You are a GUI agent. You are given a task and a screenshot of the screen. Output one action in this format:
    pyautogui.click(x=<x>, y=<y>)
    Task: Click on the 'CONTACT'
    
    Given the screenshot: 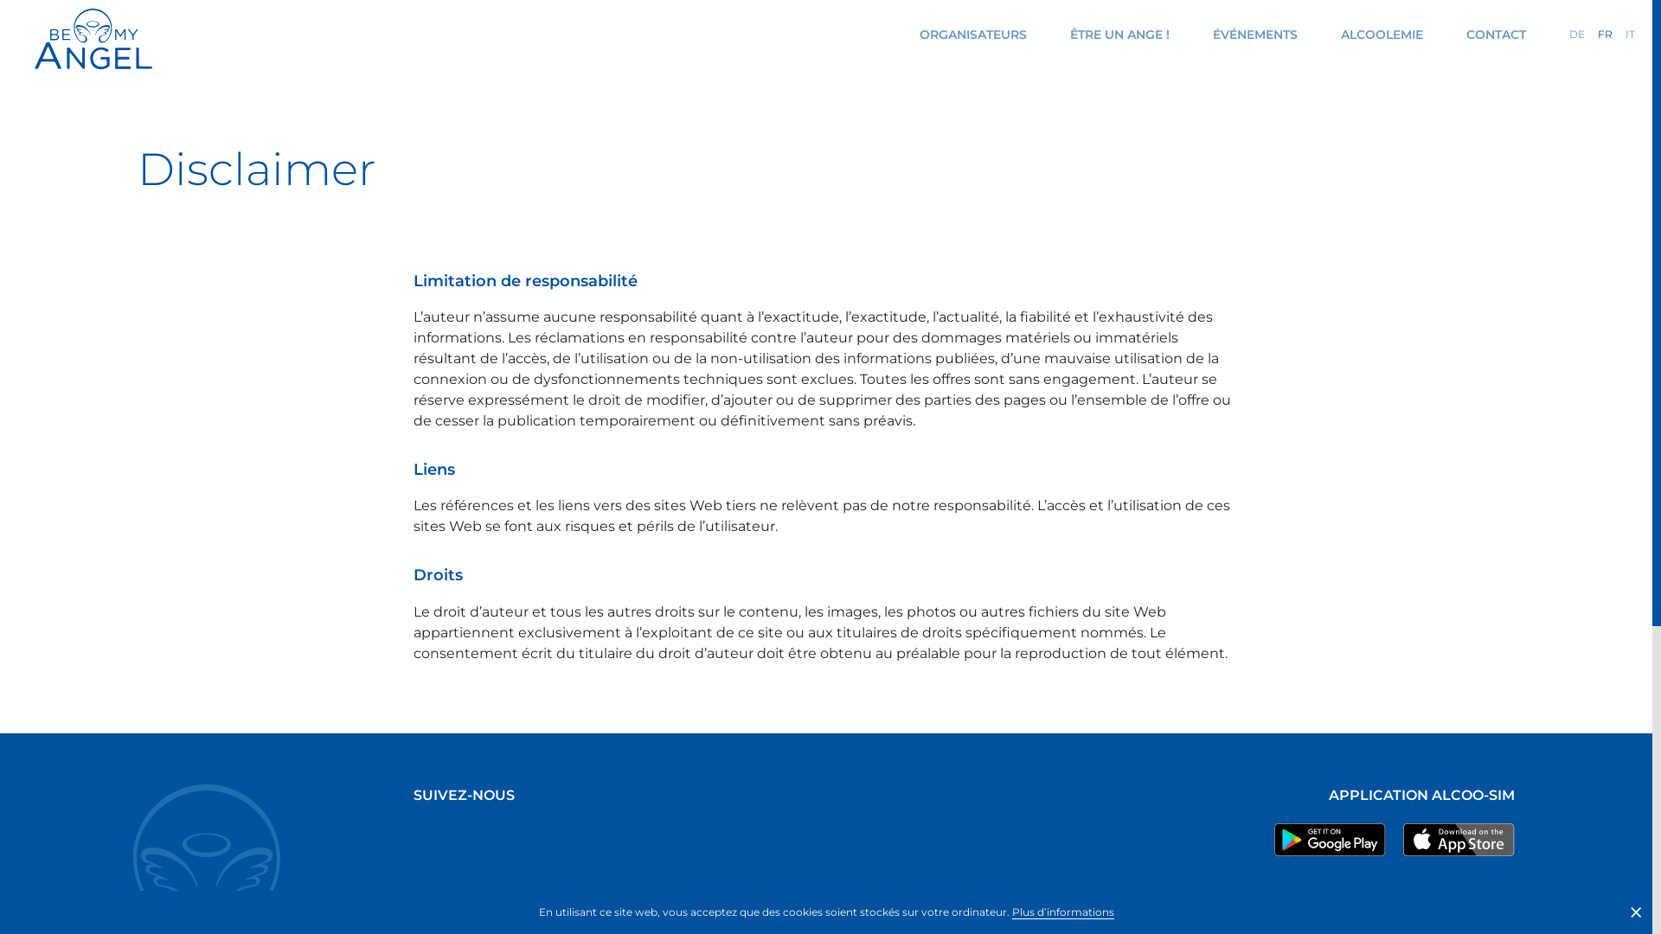 What is the action you would take?
    pyautogui.click(x=1495, y=34)
    